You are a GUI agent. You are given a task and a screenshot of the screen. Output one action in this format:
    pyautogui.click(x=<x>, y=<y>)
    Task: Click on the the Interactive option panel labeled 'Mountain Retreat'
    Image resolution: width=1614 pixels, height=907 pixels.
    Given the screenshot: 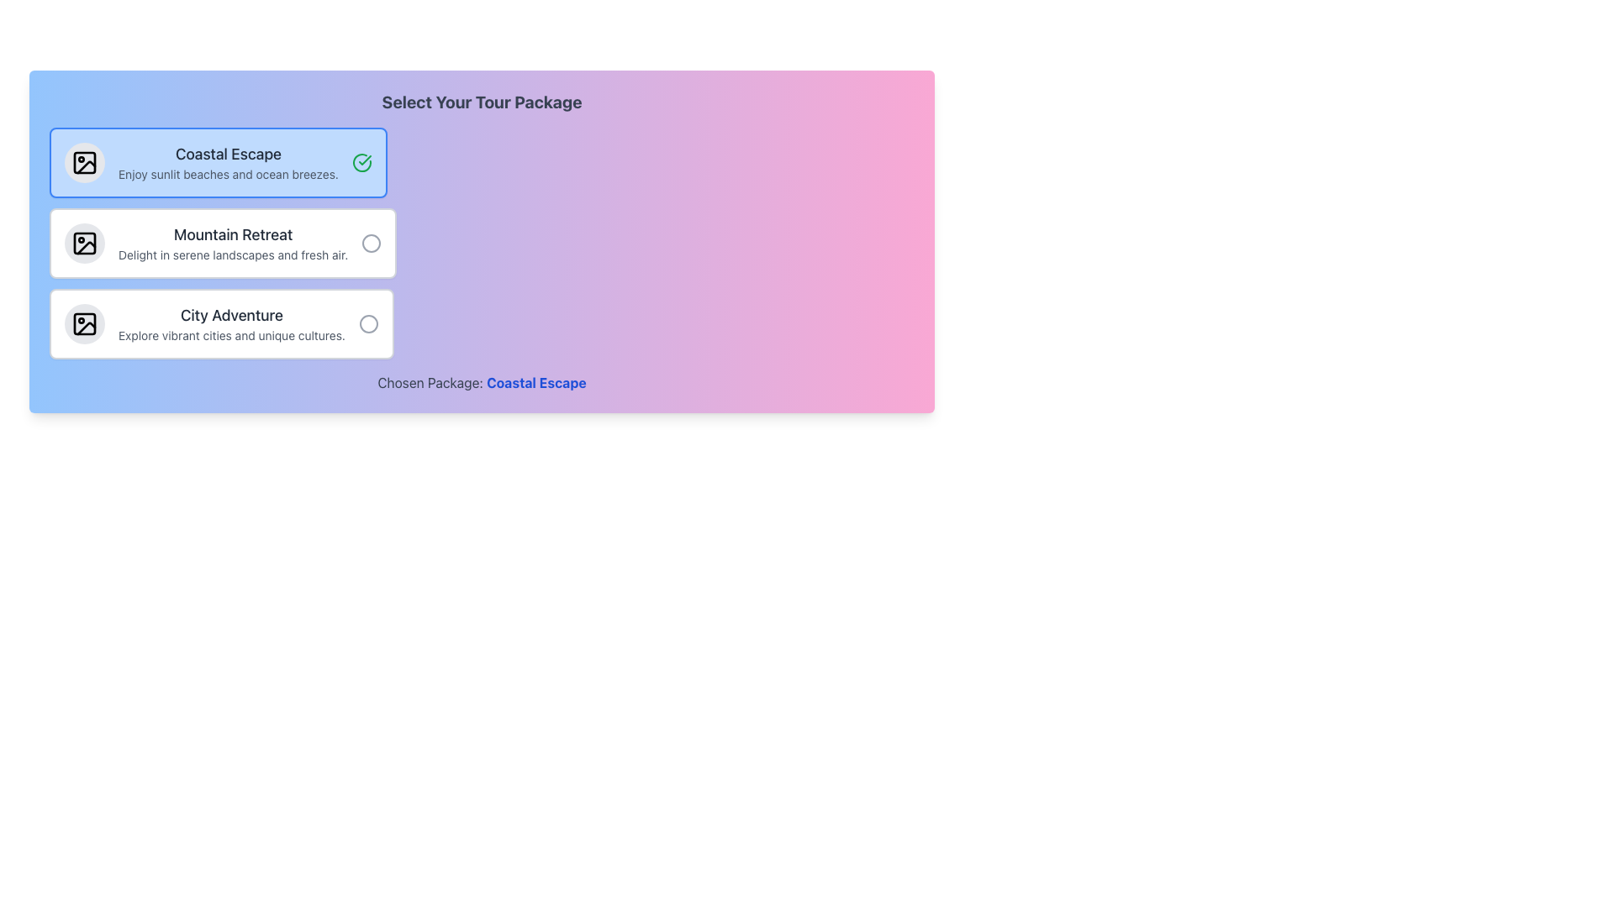 What is the action you would take?
    pyautogui.click(x=222, y=243)
    